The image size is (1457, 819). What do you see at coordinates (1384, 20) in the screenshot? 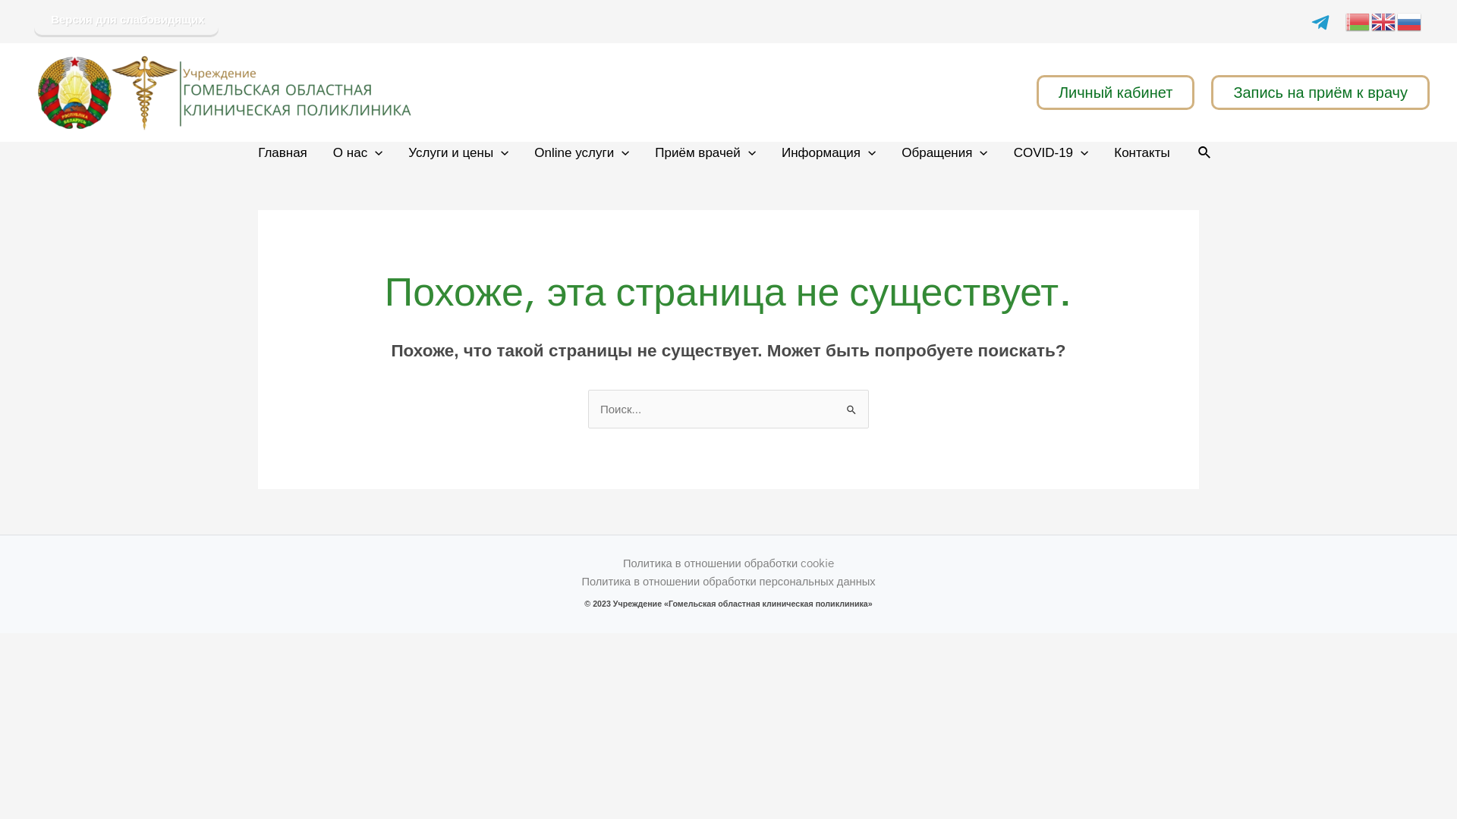
I see `'English'` at bounding box center [1384, 20].